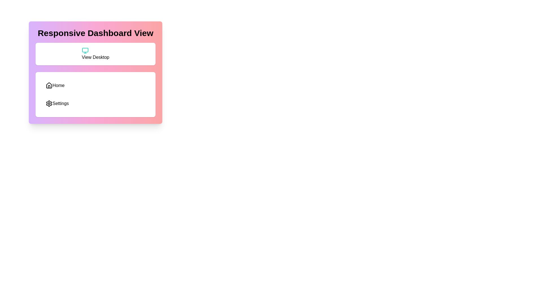 The image size is (542, 304). What do you see at coordinates (49, 85) in the screenshot?
I see `the house-shaped graphical icon representing the 'Home' symbol` at bounding box center [49, 85].